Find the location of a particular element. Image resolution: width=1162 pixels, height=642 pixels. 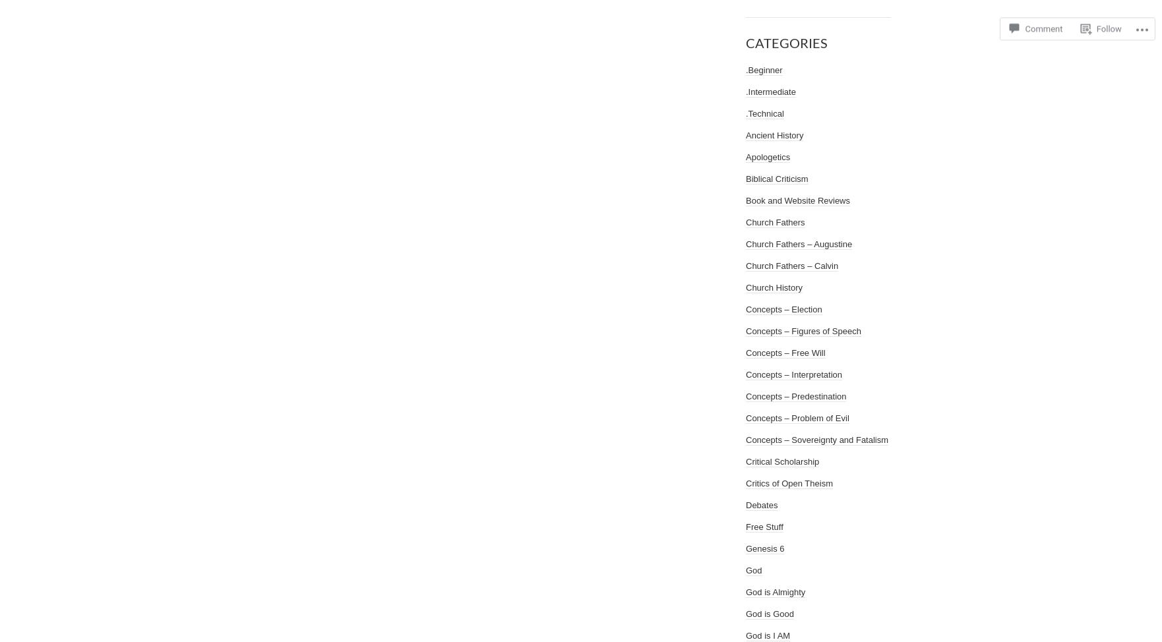

'Comment' is located at coordinates (1043, 16).